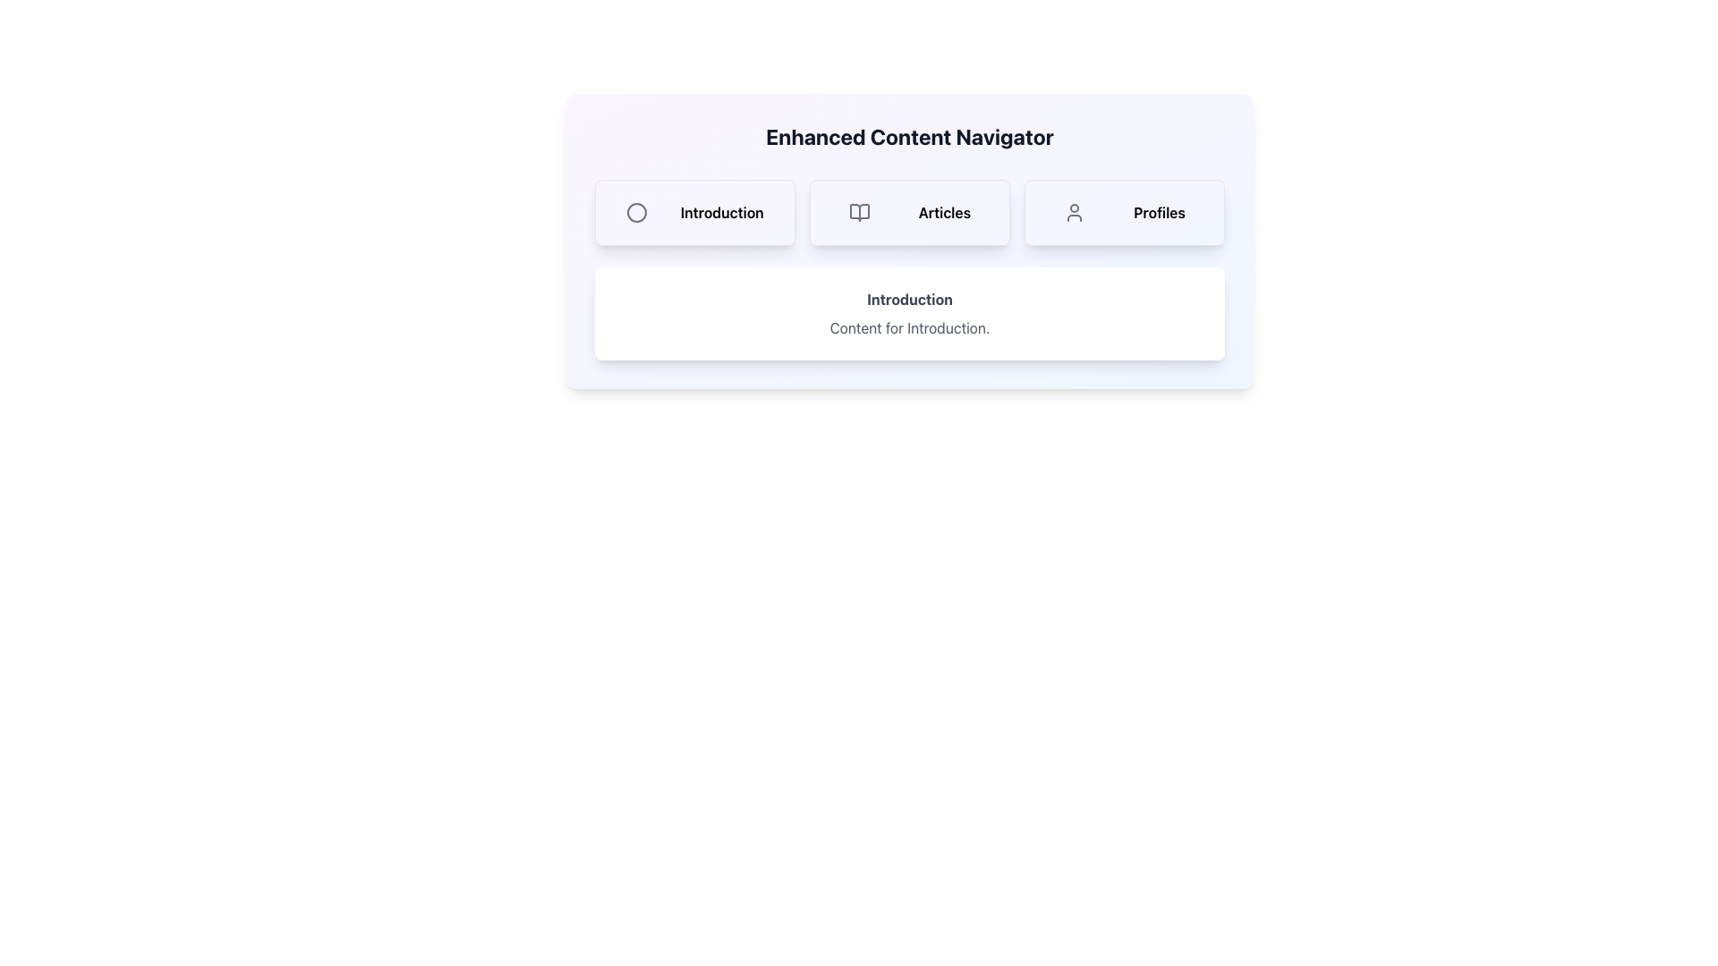 Image resolution: width=1718 pixels, height=966 pixels. What do you see at coordinates (910, 212) in the screenshot?
I see `the 'Articles' navigation panel for keyboard navigation` at bounding box center [910, 212].